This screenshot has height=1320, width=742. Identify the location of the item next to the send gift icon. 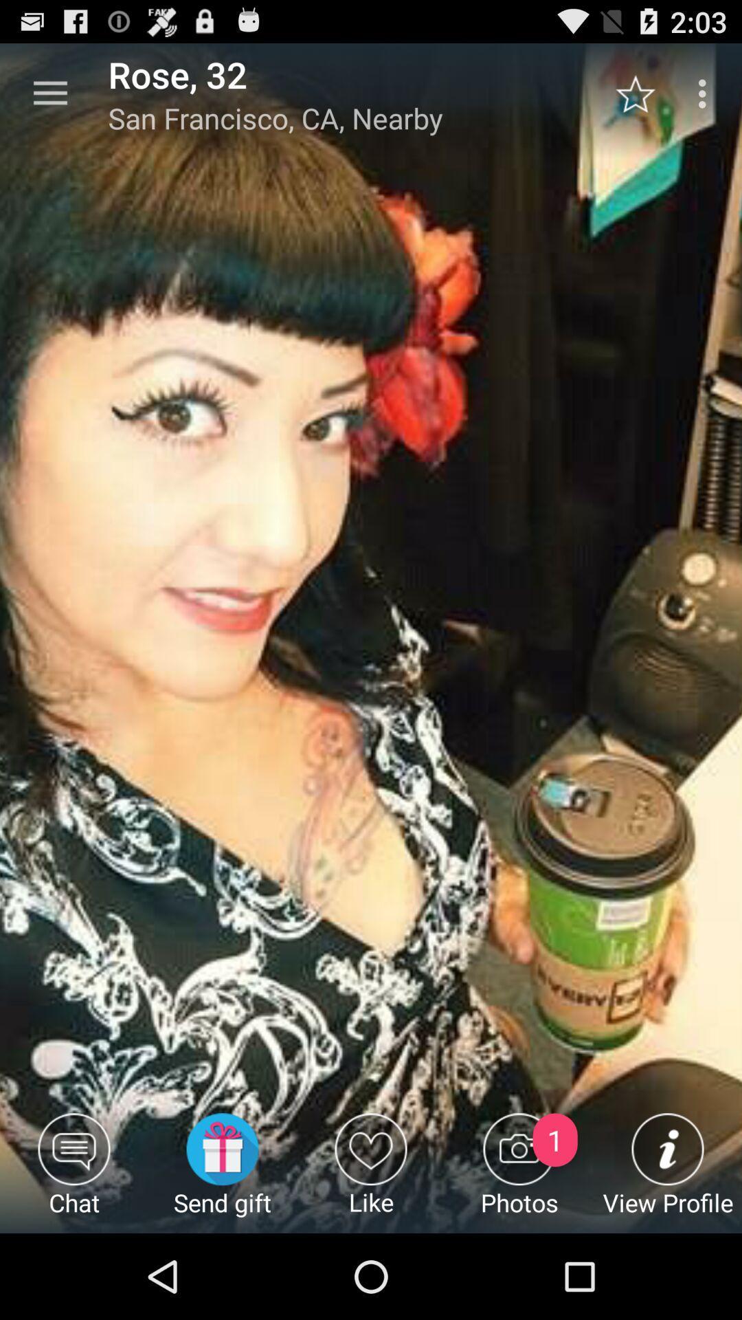
(371, 1172).